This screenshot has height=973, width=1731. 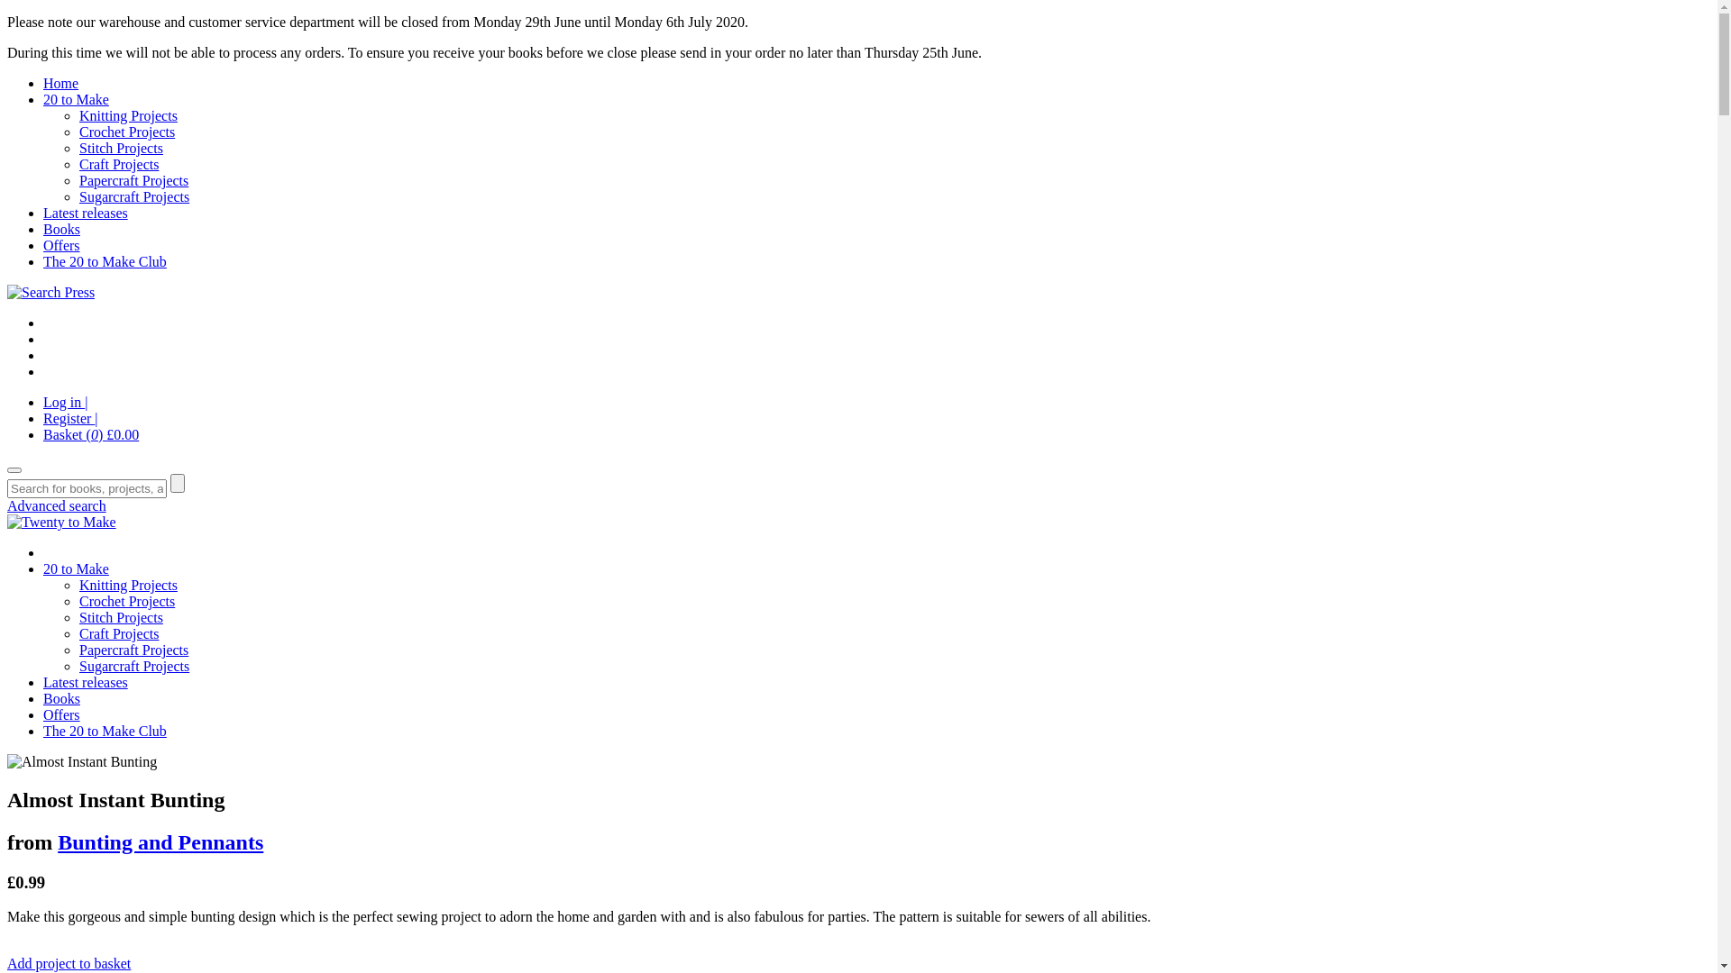 I want to click on 'Stitch Projects', so click(x=120, y=147).